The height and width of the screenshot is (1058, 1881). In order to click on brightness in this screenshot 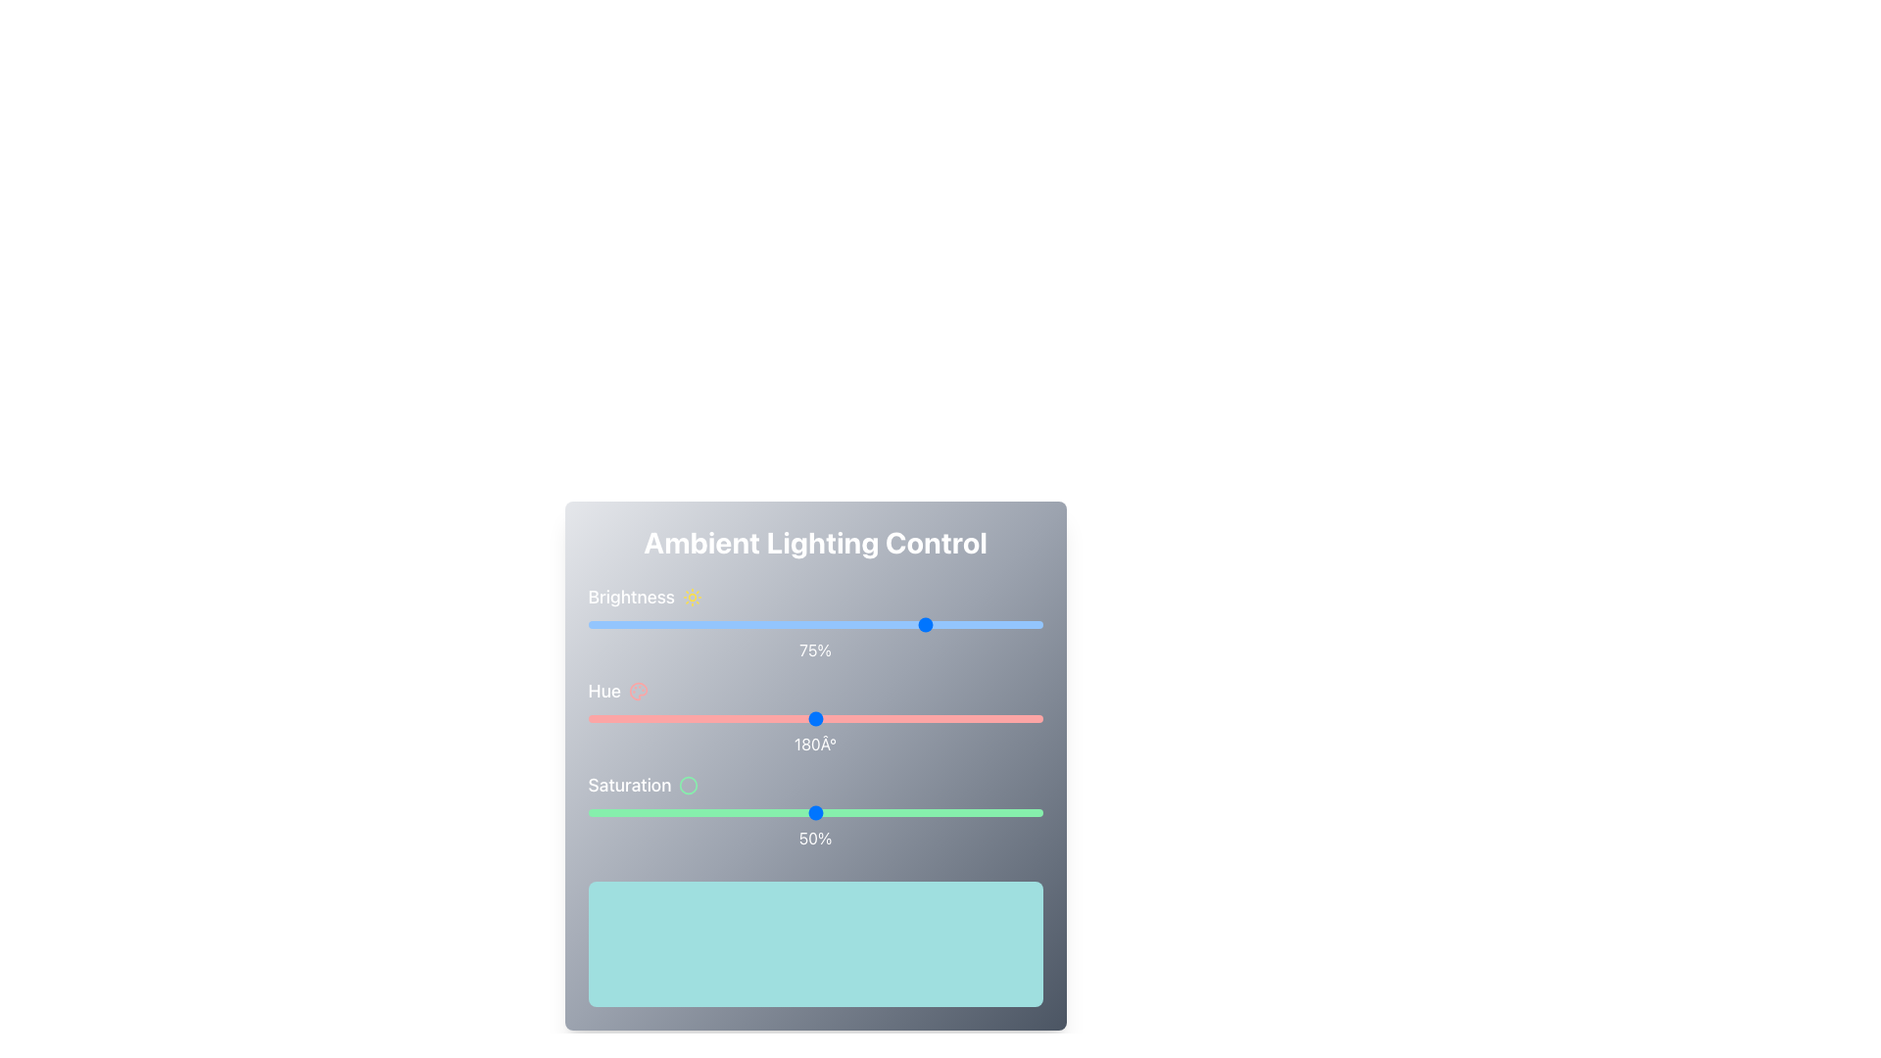, I will do `click(601, 624)`.